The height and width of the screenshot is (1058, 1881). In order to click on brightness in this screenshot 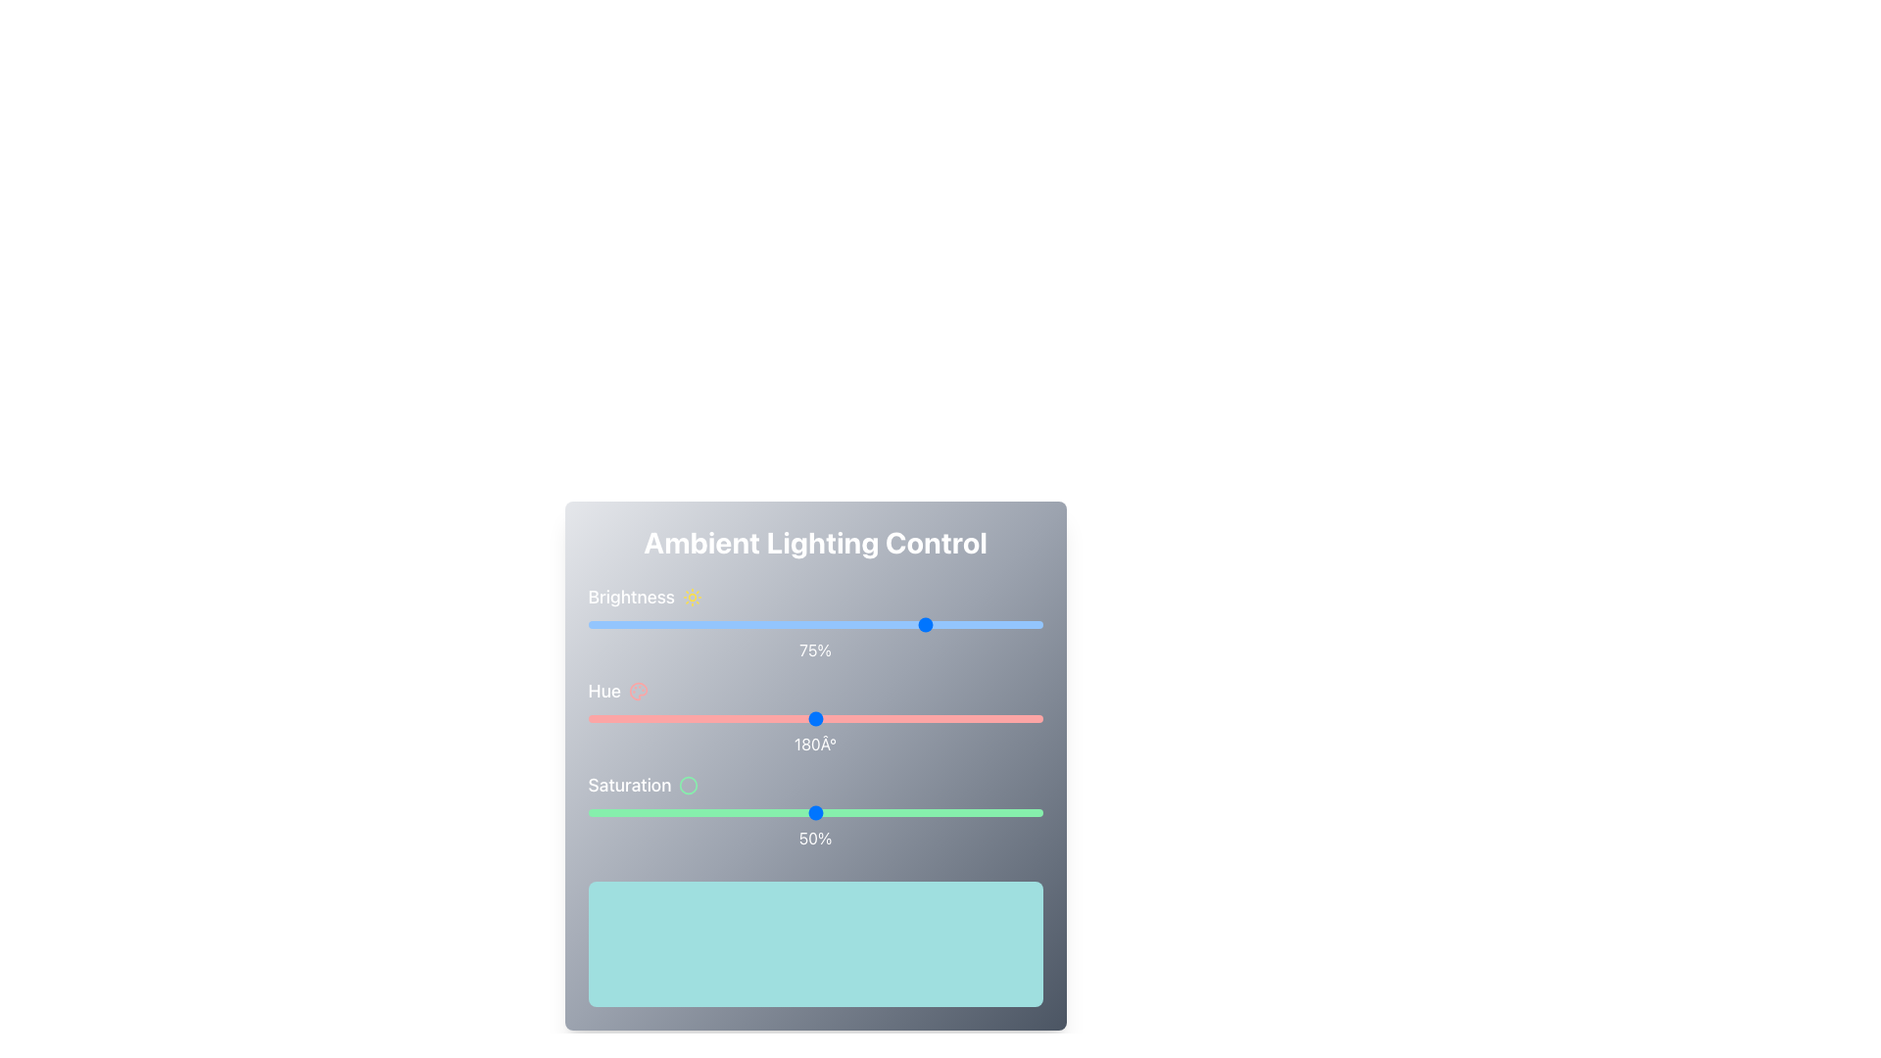, I will do `click(601, 624)`.